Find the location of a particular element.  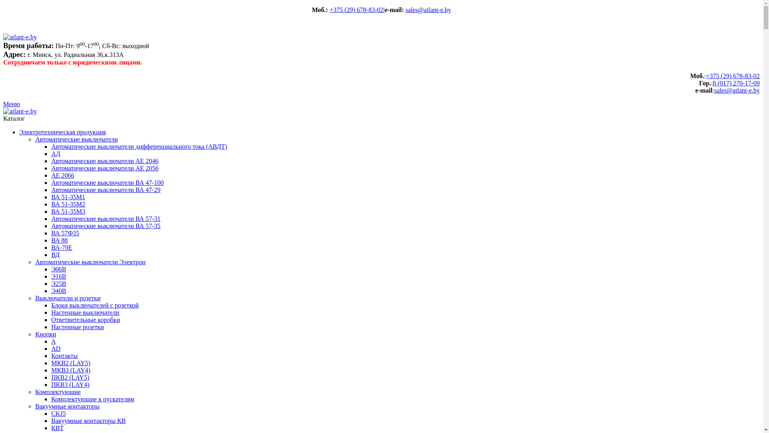

'8 (017) 270-17-09' is located at coordinates (736, 83).